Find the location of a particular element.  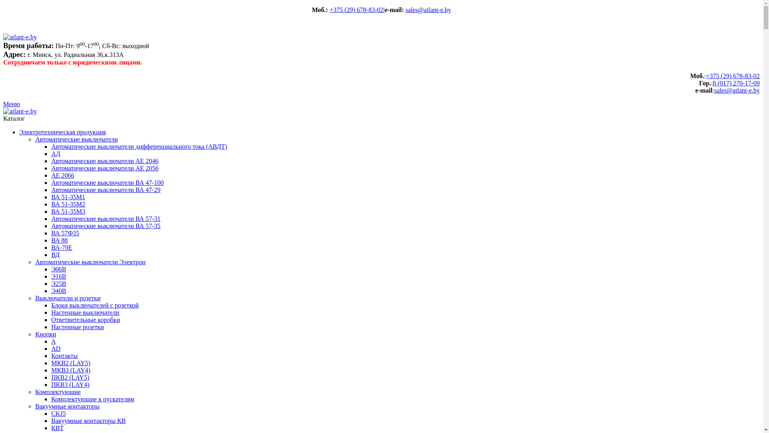

'8 (017) 270-17-09' is located at coordinates (736, 83).